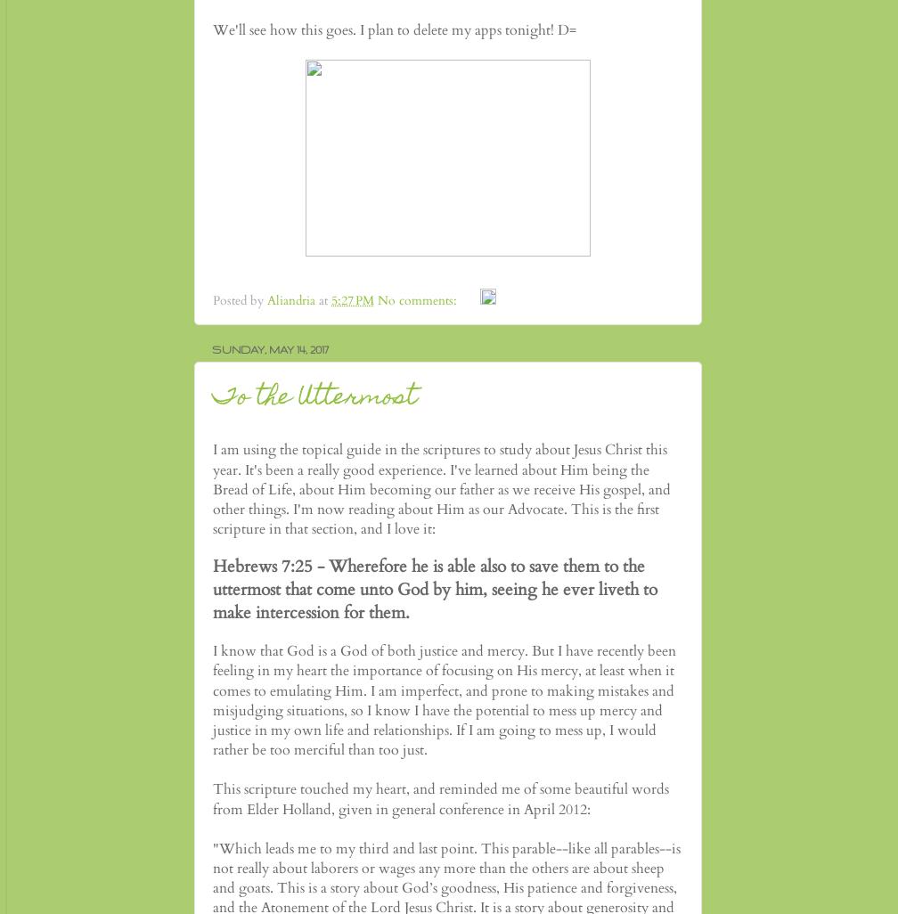 This screenshot has width=898, height=914. What do you see at coordinates (435, 589) in the screenshot?
I see `'Hebrews 7:25 - Wherefore he is able also to save them to the uttermost that come unto God by him, seeing he ever liveth to make intercession for them.'` at bounding box center [435, 589].